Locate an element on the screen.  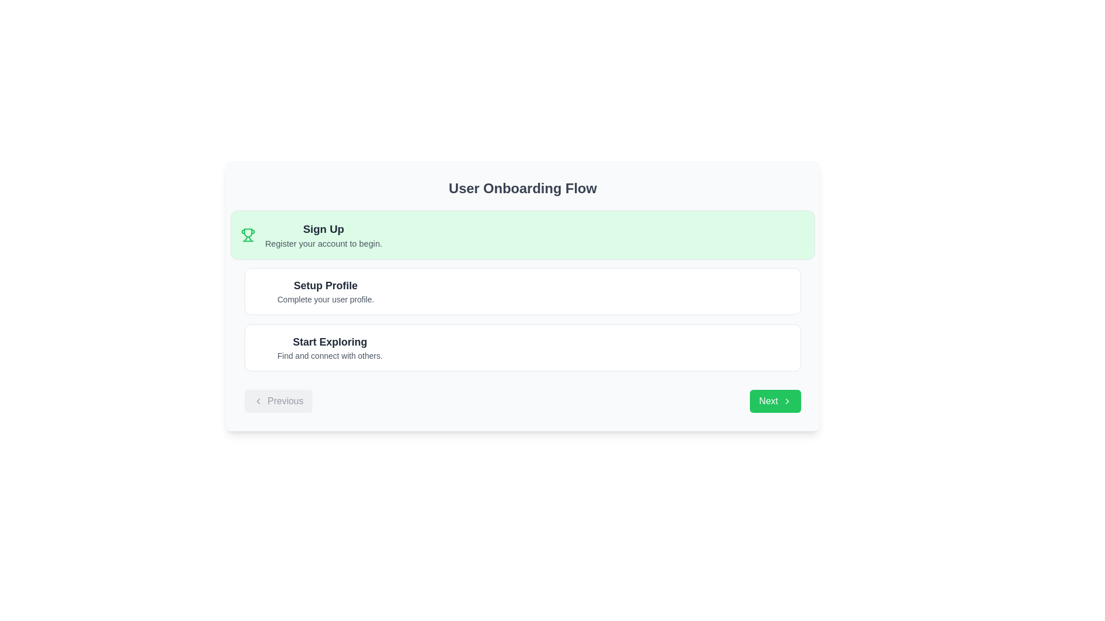
the 'Previous' navigation button located at the bottom left corner of the navigation bar is located at coordinates (279, 401).